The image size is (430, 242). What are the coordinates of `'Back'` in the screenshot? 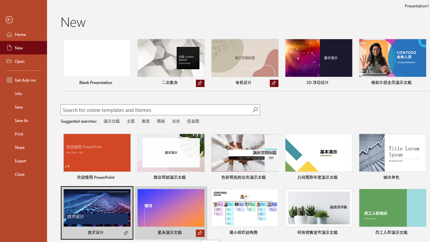 It's located at (23, 19).